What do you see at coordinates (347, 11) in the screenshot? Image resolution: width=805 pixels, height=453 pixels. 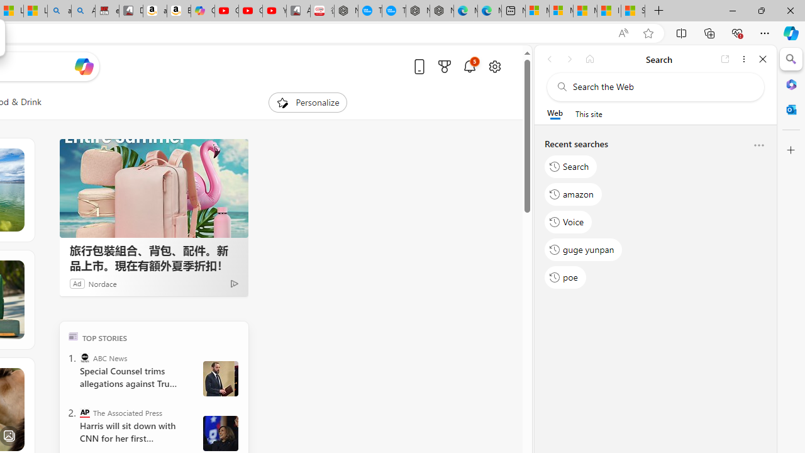 I see `'Nordace - My Account'` at bounding box center [347, 11].